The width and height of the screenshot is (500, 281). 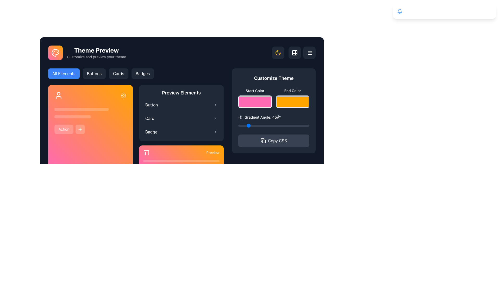 What do you see at coordinates (278, 53) in the screenshot?
I see `the moon-shaped icon on a circular dark background` at bounding box center [278, 53].